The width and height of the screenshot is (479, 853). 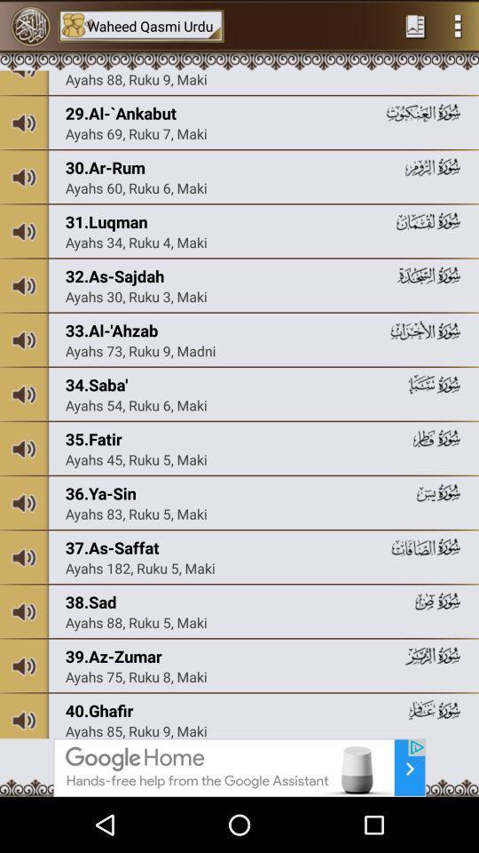 What do you see at coordinates (458, 25) in the screenshot?
I see `setting and privacy` at bounding box center [458, 25].